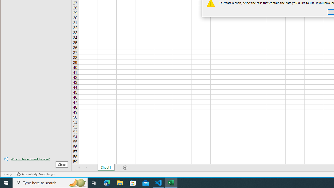 This screenshot has height=188, width=334. Describe the element at coordinates (35, 159) in the screenshot. I see `'Which file do I want to save?'` at that location.